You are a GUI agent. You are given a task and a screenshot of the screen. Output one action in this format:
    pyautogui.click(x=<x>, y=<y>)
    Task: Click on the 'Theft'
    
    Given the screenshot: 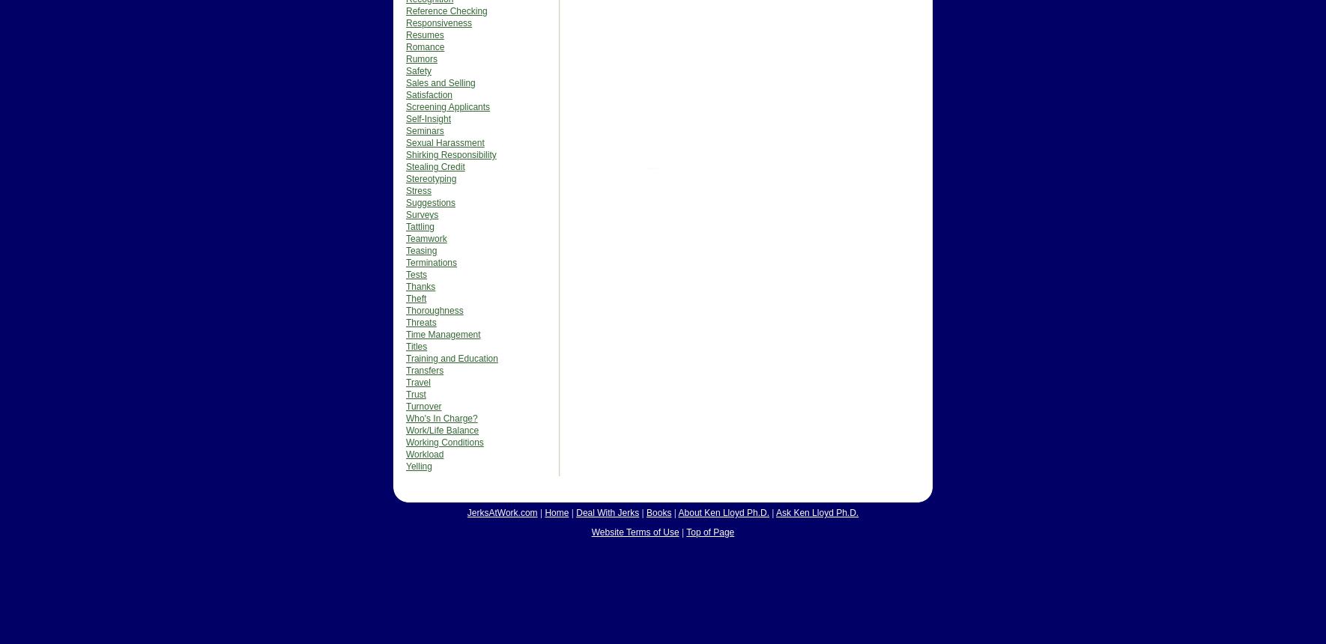 What is the action you would take?
    pyautogui.click(x=416, y=298)
    